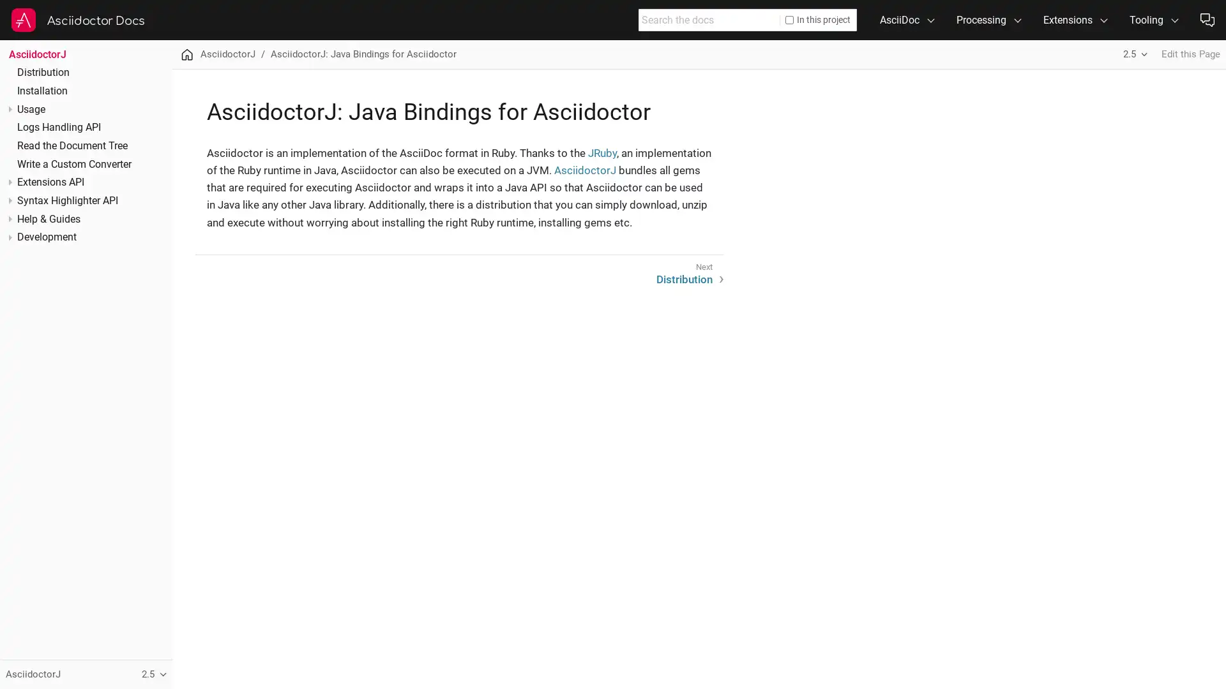 This screenshot has width=1226, height=689. What do you see at coordinates (1135, 54) in the screenshot?
I see `2.5` at bounding box center [1135, 54].